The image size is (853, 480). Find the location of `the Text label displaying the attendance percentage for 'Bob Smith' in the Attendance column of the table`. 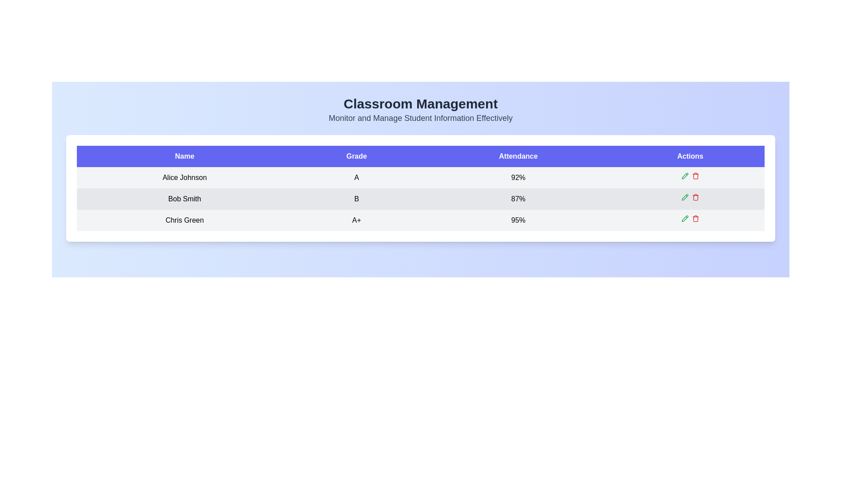

the Text label displaying the attendance percentage for 'Bob Smith' in the Attendance column of the table is located at coordinates (518, 198).